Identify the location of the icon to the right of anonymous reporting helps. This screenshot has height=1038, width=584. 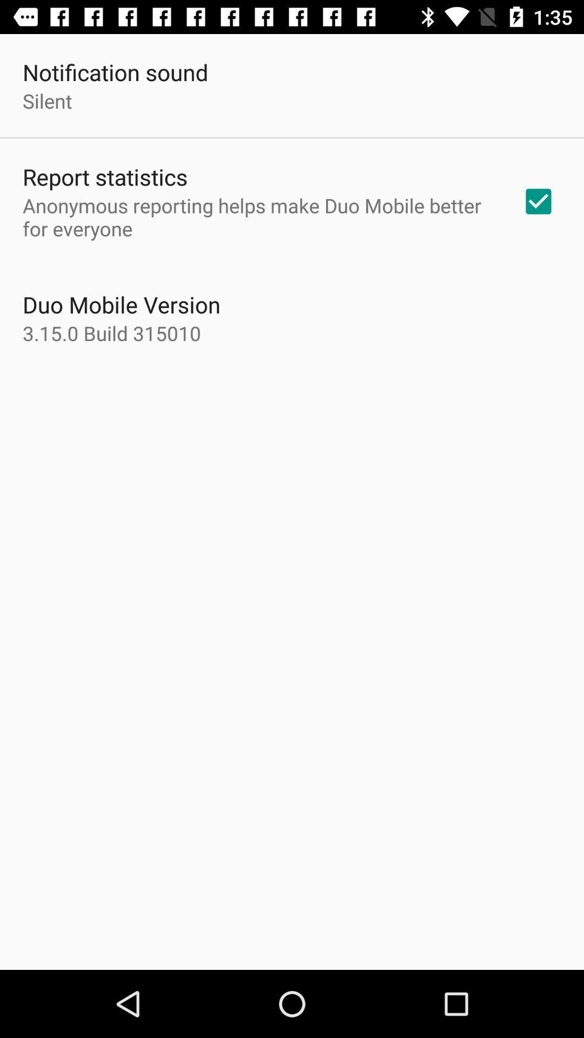
(538, 201).